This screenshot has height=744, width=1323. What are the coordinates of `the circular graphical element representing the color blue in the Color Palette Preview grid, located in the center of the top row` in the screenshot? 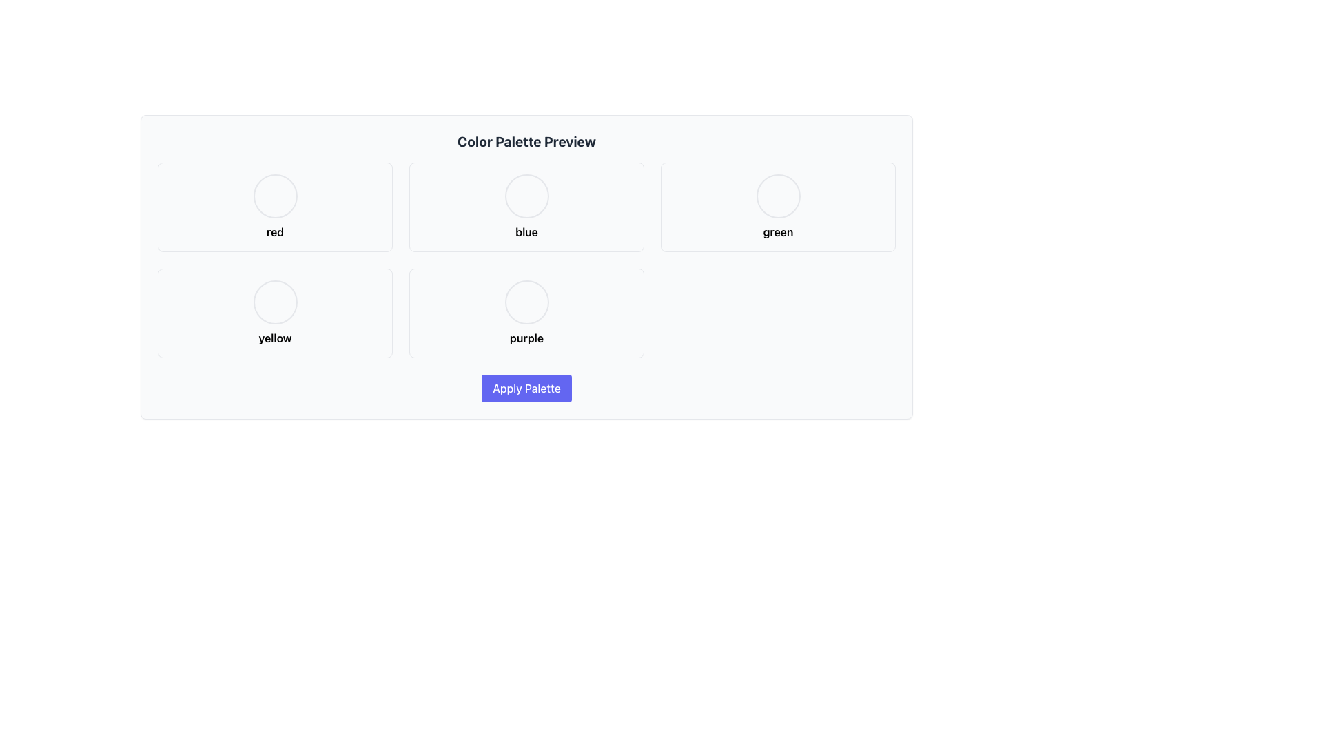 It's located at (526, 196).